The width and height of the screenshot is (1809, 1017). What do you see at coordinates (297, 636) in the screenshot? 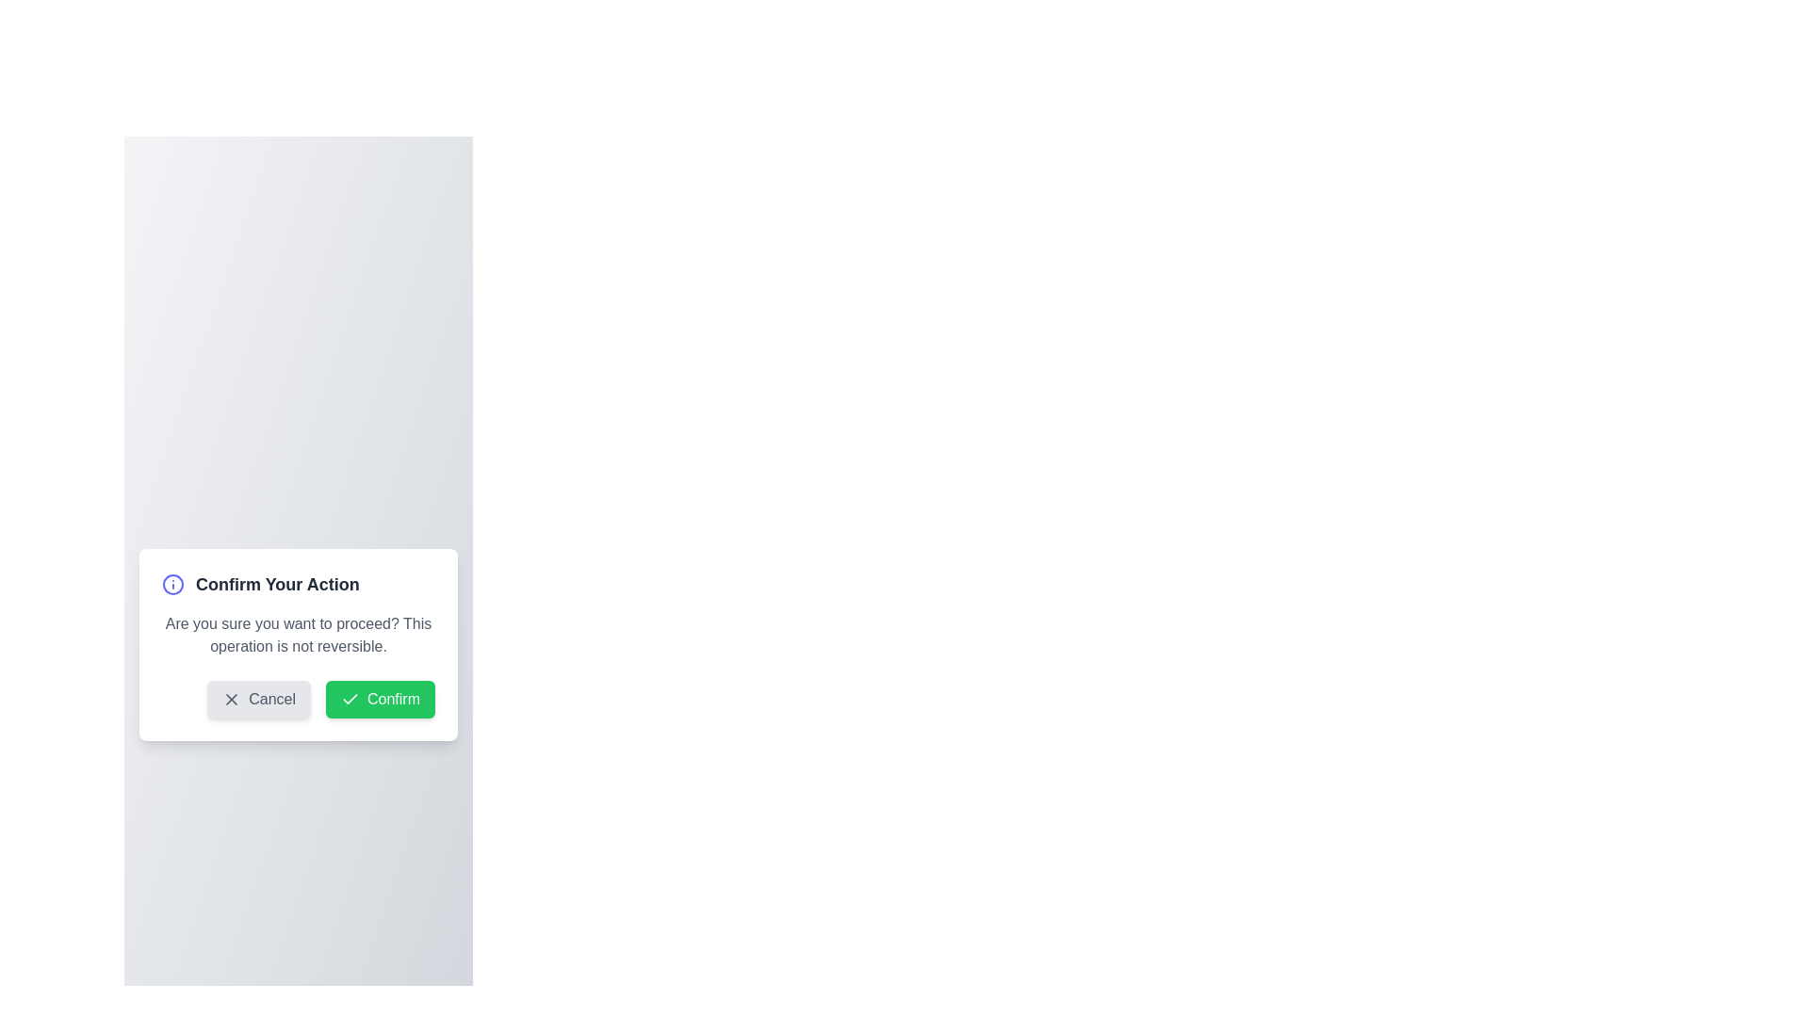
I see `the informational Text Block warning about the consequences of the user's action, located below the title header 'Confirm Your Action'` at bounding box center [297, 636].